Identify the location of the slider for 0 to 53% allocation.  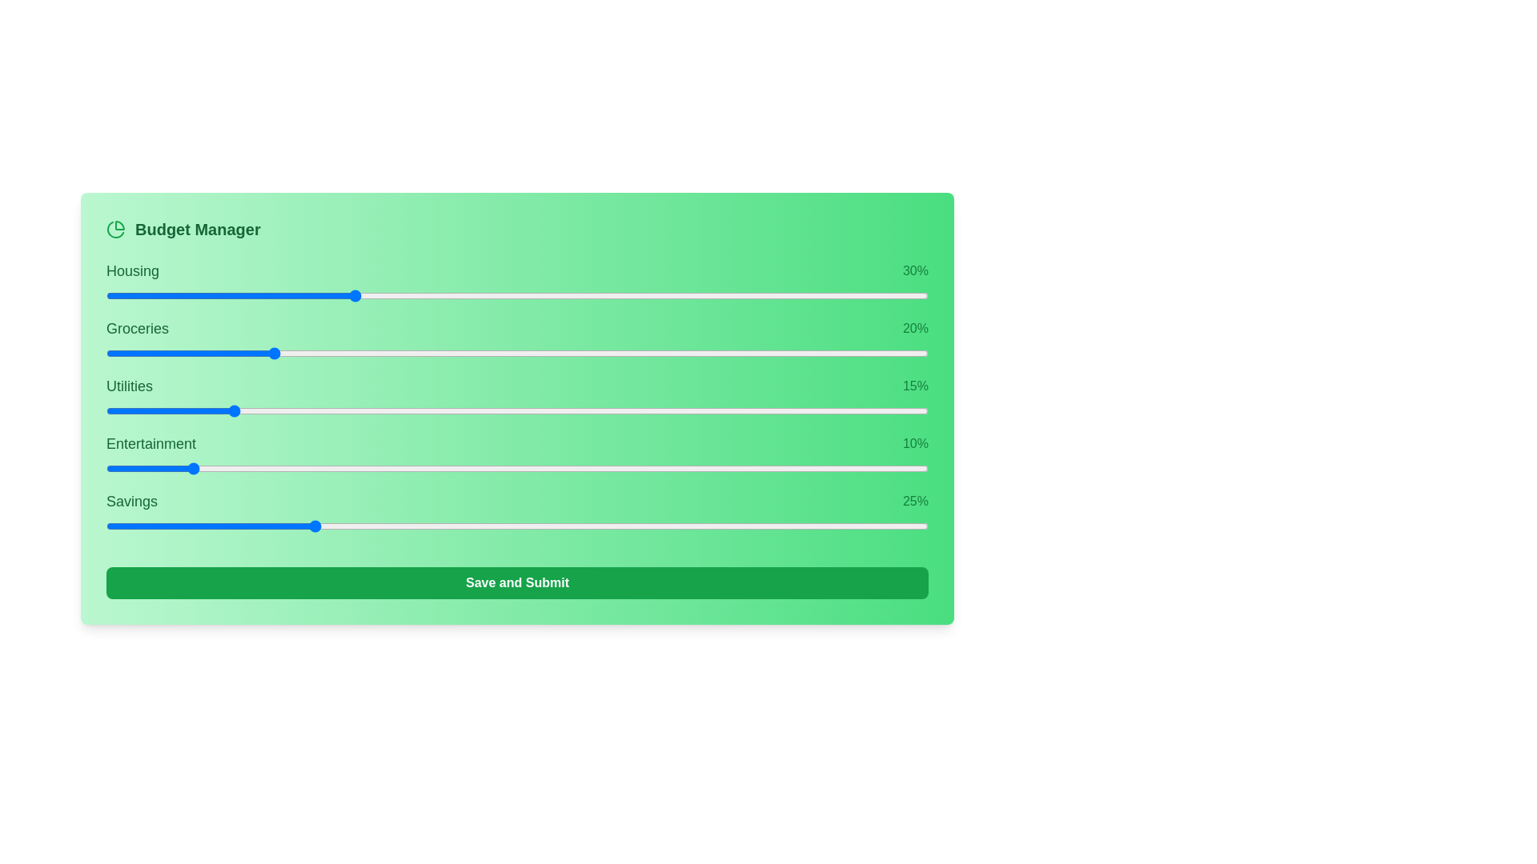
(734, 296).